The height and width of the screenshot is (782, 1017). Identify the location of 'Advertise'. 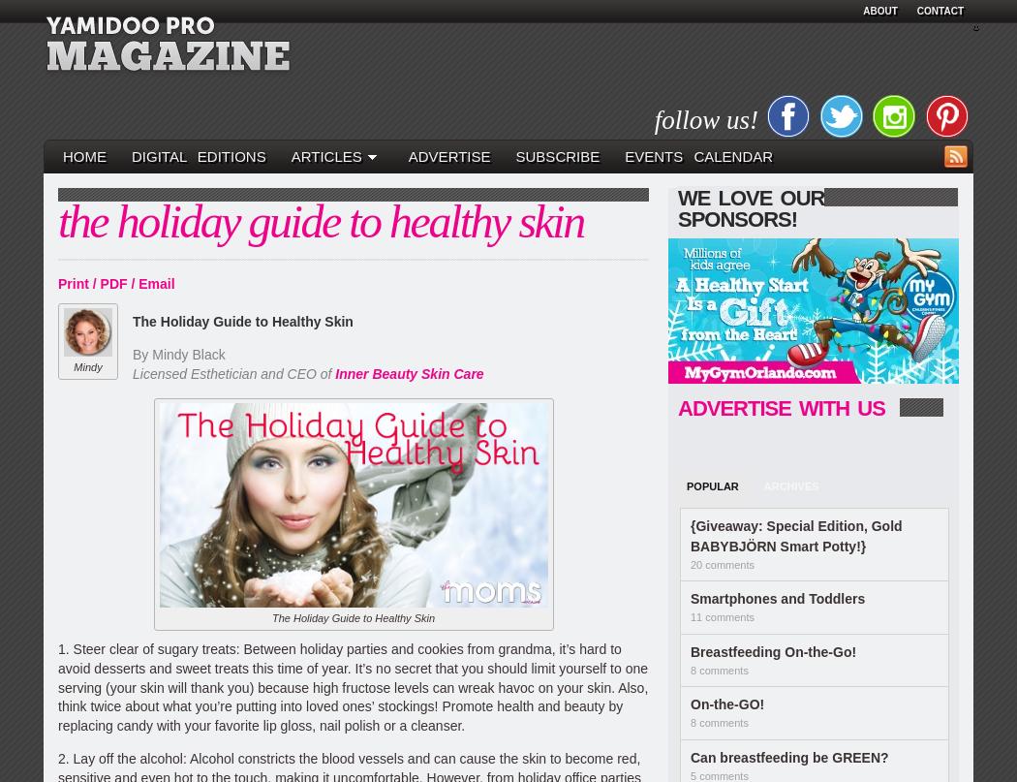
(448, 155).